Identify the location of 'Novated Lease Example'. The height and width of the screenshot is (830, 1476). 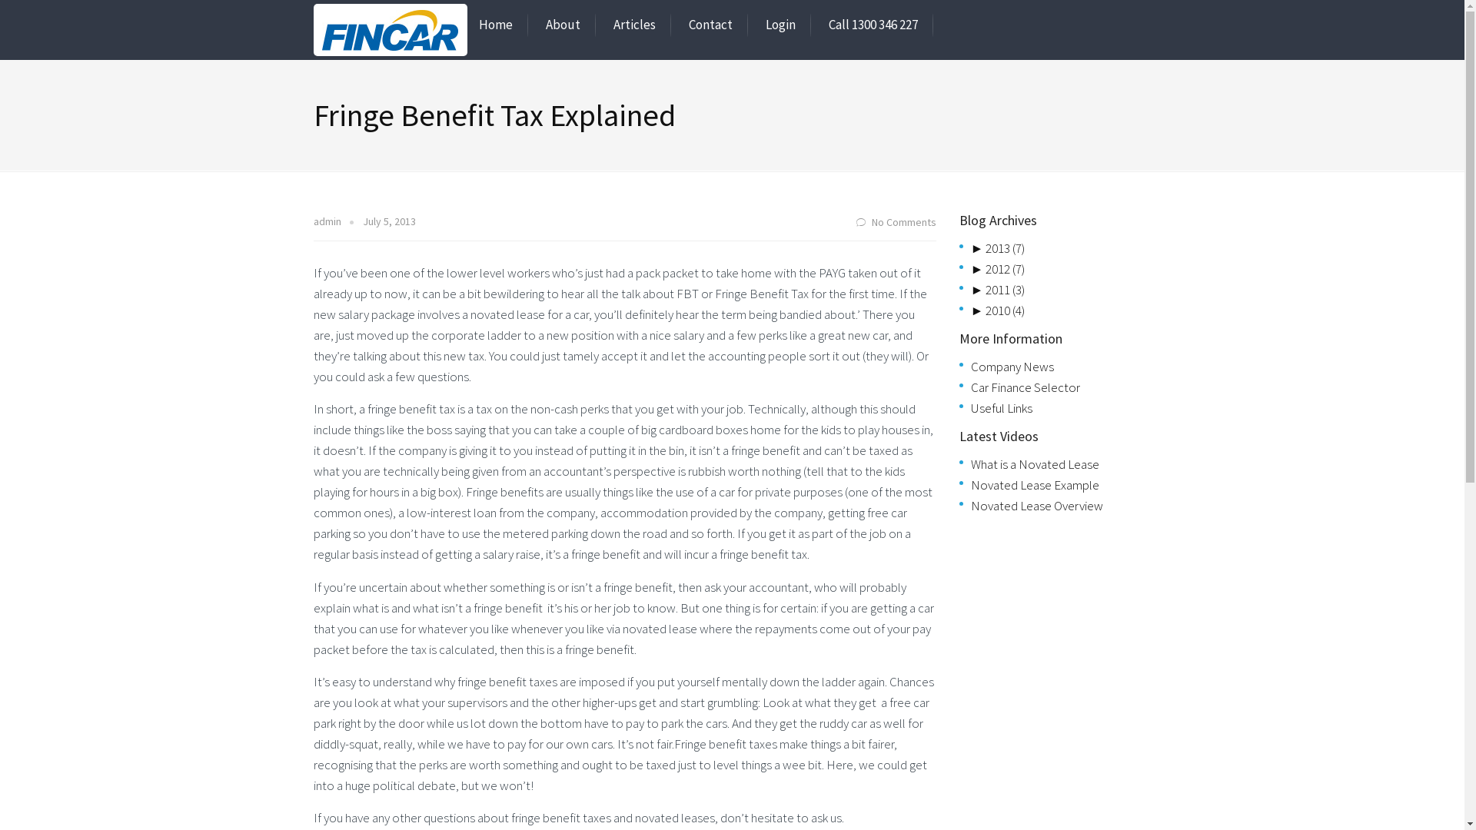
(969, 485).